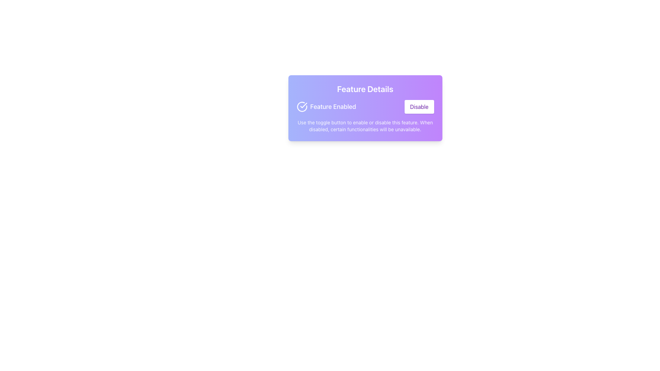 Image resolution: width=660 pixels, height=371 pixels. Describe the element at coordinates (365, 108) in the screenshot. I see `circular icon representing the 'Feature Enabled' status in the composite card element labeled 'Feature Details'` at that location.